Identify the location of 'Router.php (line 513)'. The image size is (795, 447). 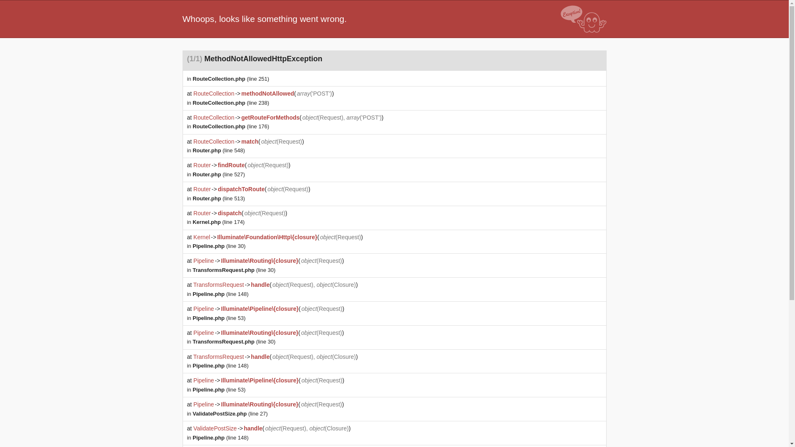
(219, 198).